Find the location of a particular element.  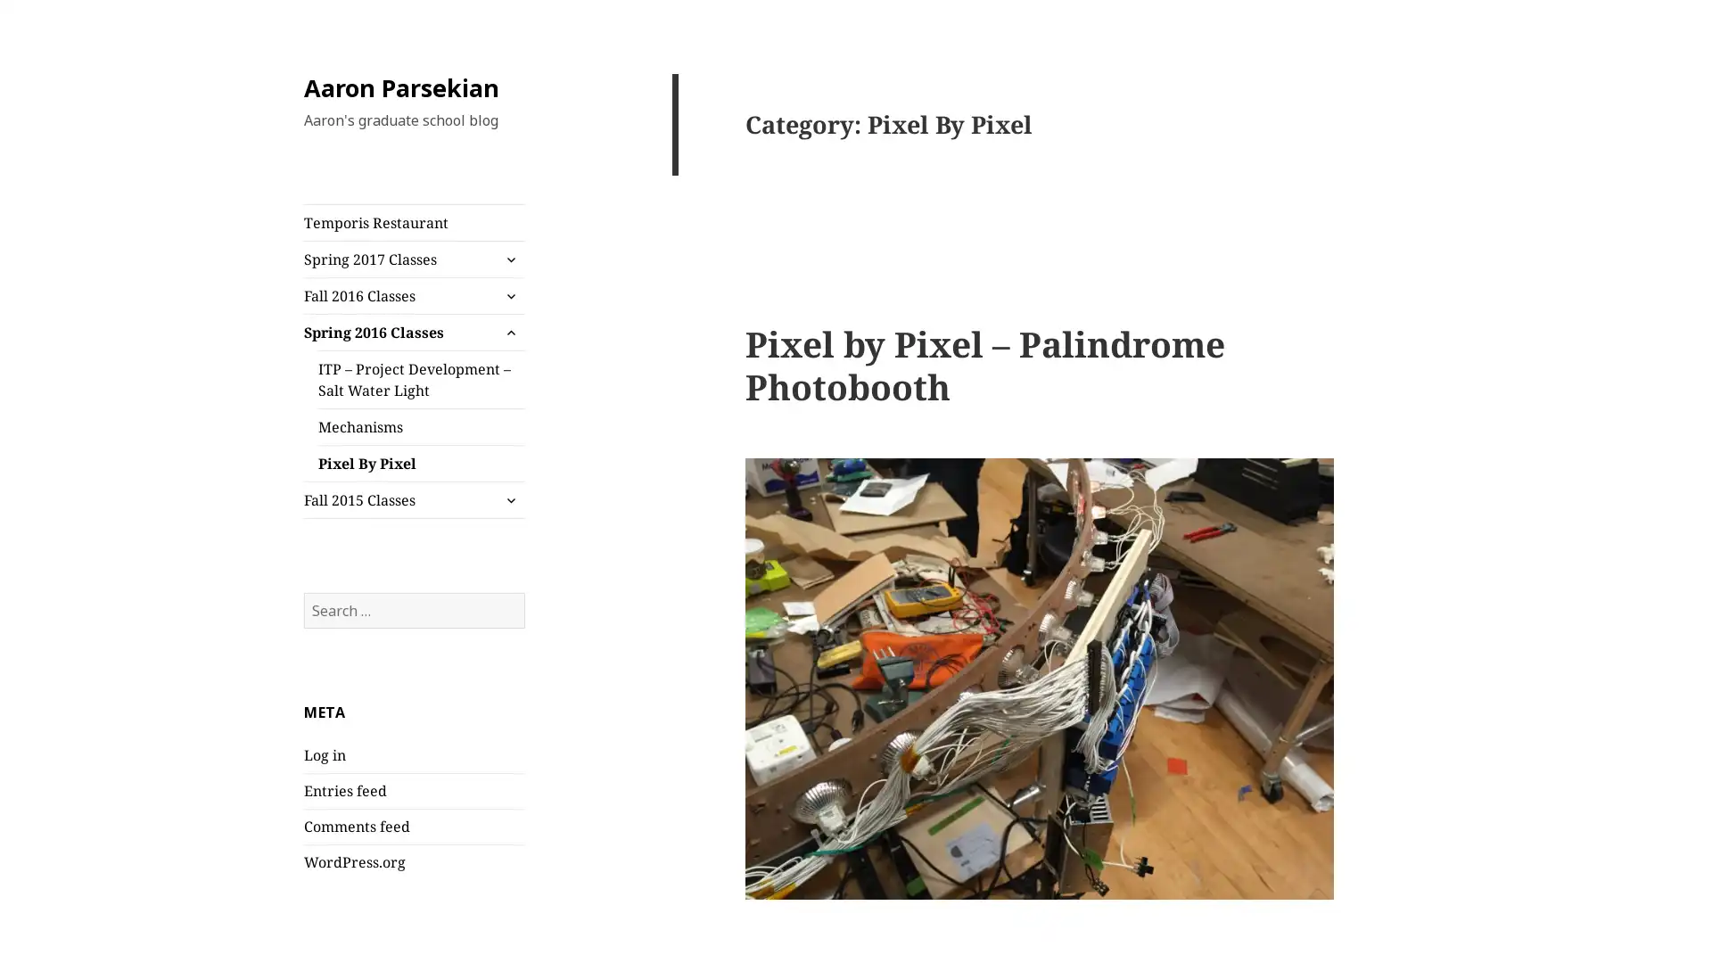

expand child menu is located at coordinates (508, 294).